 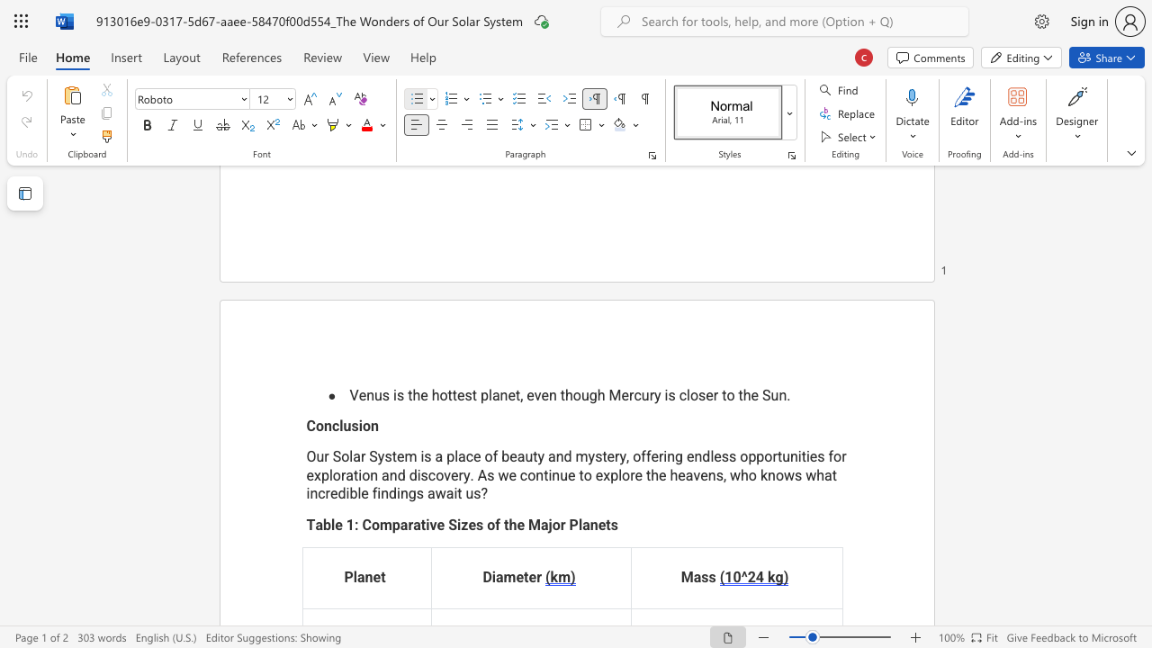 I want to click on the space between the continuous character "V" and "e" in the text, so click(x=358, y=394).